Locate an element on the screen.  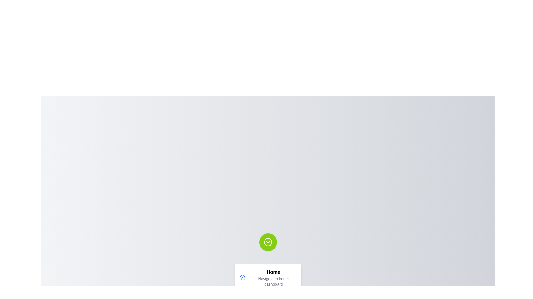
the menu option Home from the speed dial is located at coordinates (268, 277).